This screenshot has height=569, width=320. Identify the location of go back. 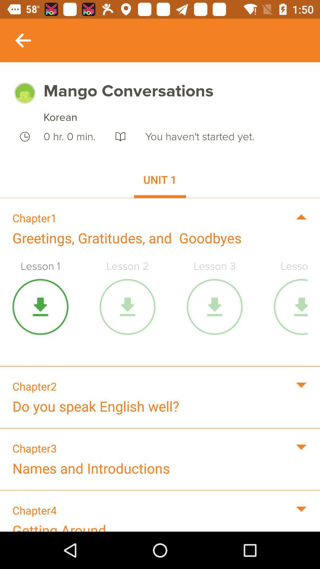
(23, 40).